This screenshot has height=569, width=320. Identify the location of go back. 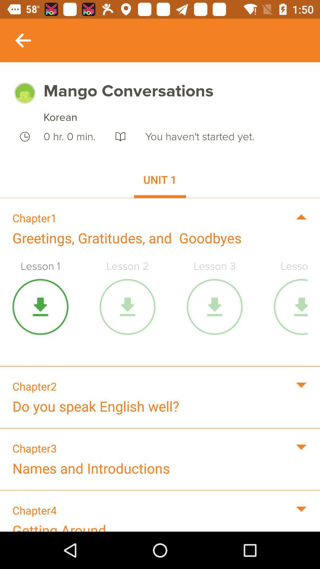
(23, 40).